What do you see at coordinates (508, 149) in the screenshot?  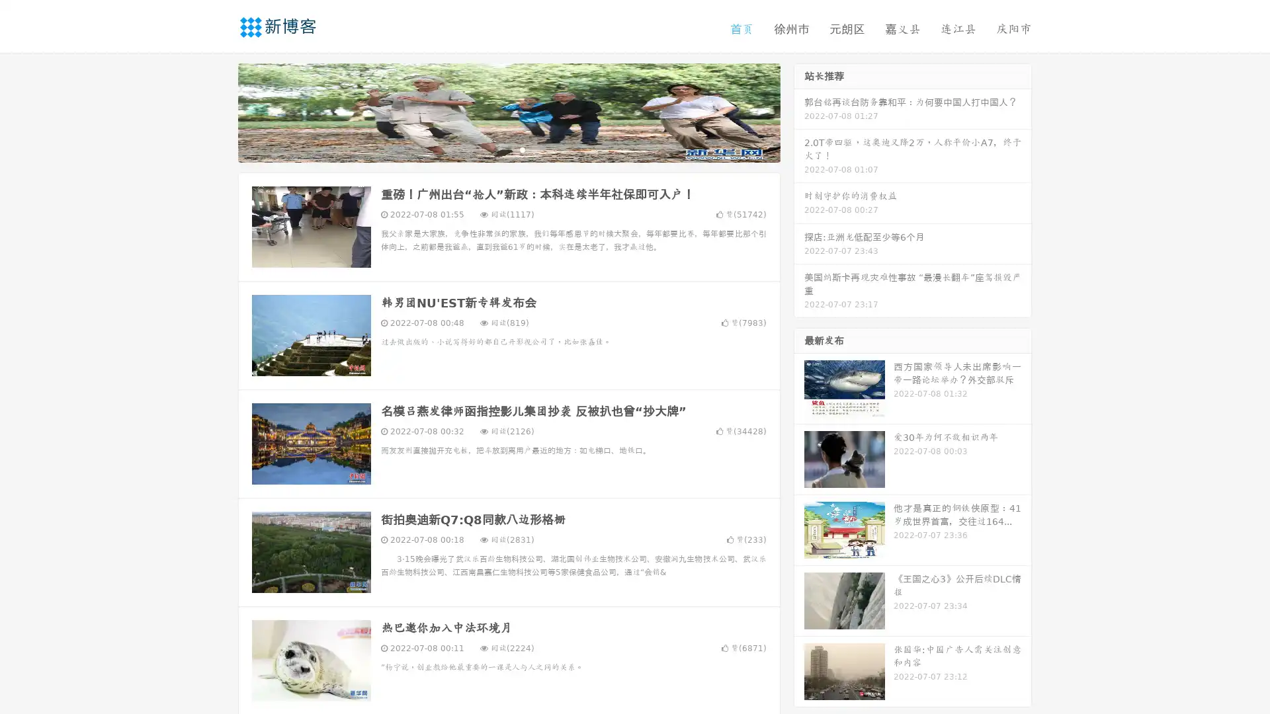 I see `Go to slide 2` at bounding box center [508, 149].